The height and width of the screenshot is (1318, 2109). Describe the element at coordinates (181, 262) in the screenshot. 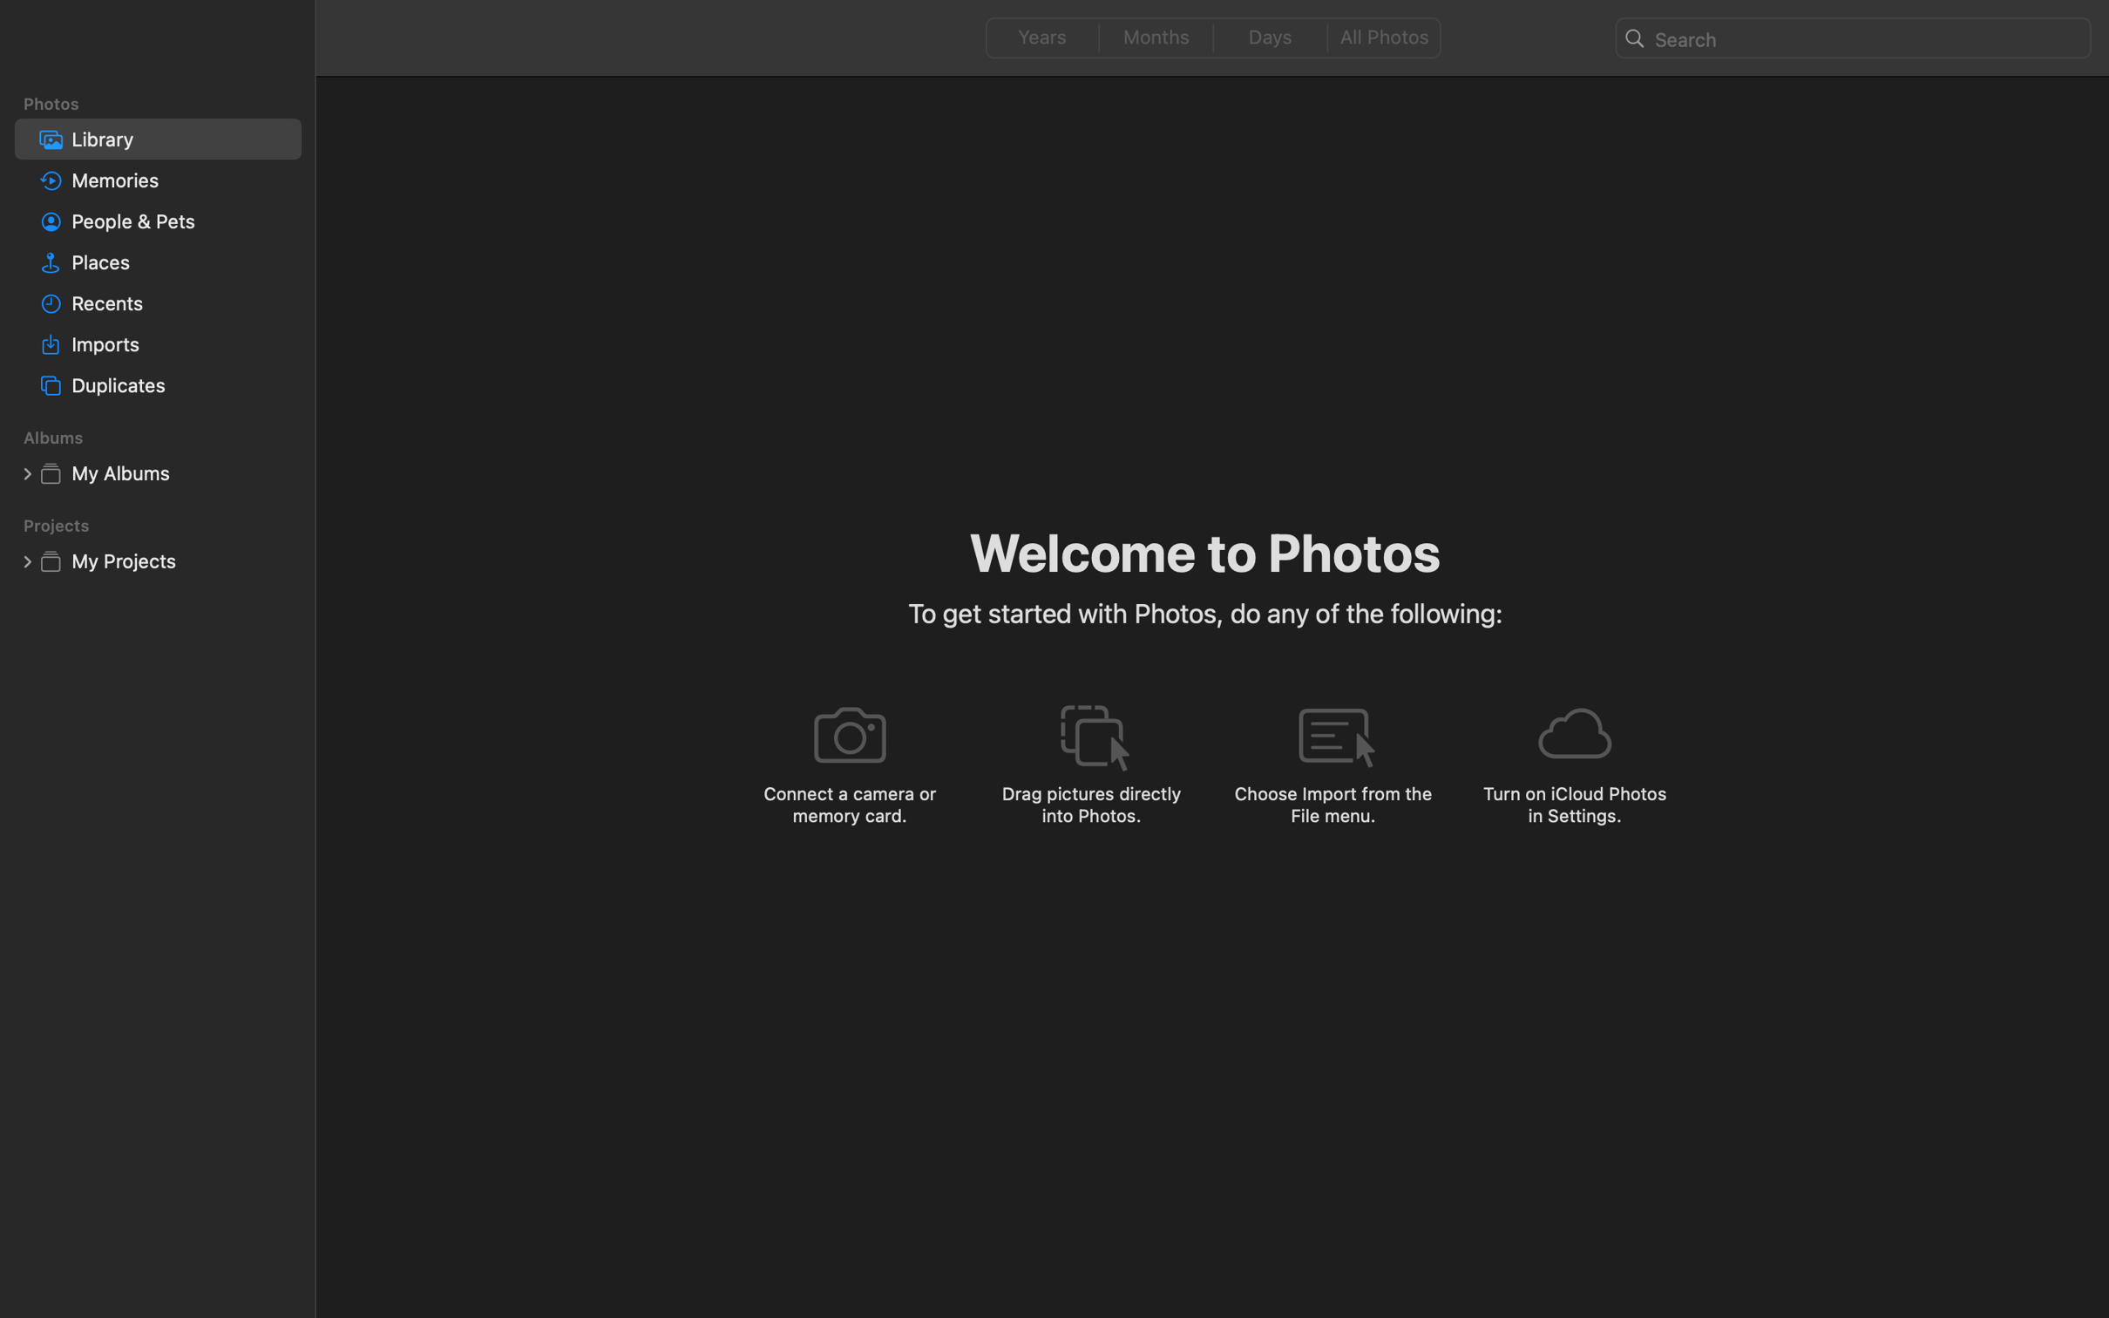

I see `'Places'` at that location.